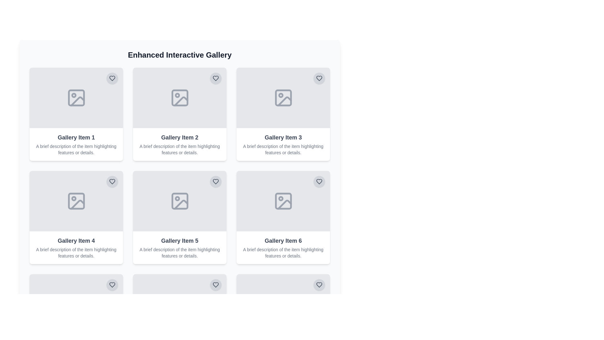 The image size is (604, 340). What do you see at coordinates (216, 78) in the screenshot?
I see `the heart-shaped icon outlined in dark gray located within a circular button at the upper-right corner of the 'Gallery Item 2' card in the grid under 'Enhanced Interactive Gallery' to interact with it` at bounding box center [216, 78].